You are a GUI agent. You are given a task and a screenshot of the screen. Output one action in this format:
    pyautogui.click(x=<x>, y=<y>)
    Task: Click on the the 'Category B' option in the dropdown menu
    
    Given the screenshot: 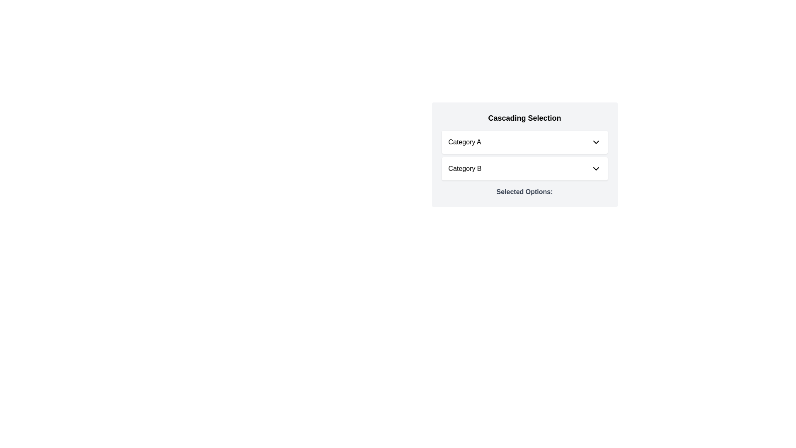 What is the action you would take?
    pyautogui.click(x=465, y=168)
    